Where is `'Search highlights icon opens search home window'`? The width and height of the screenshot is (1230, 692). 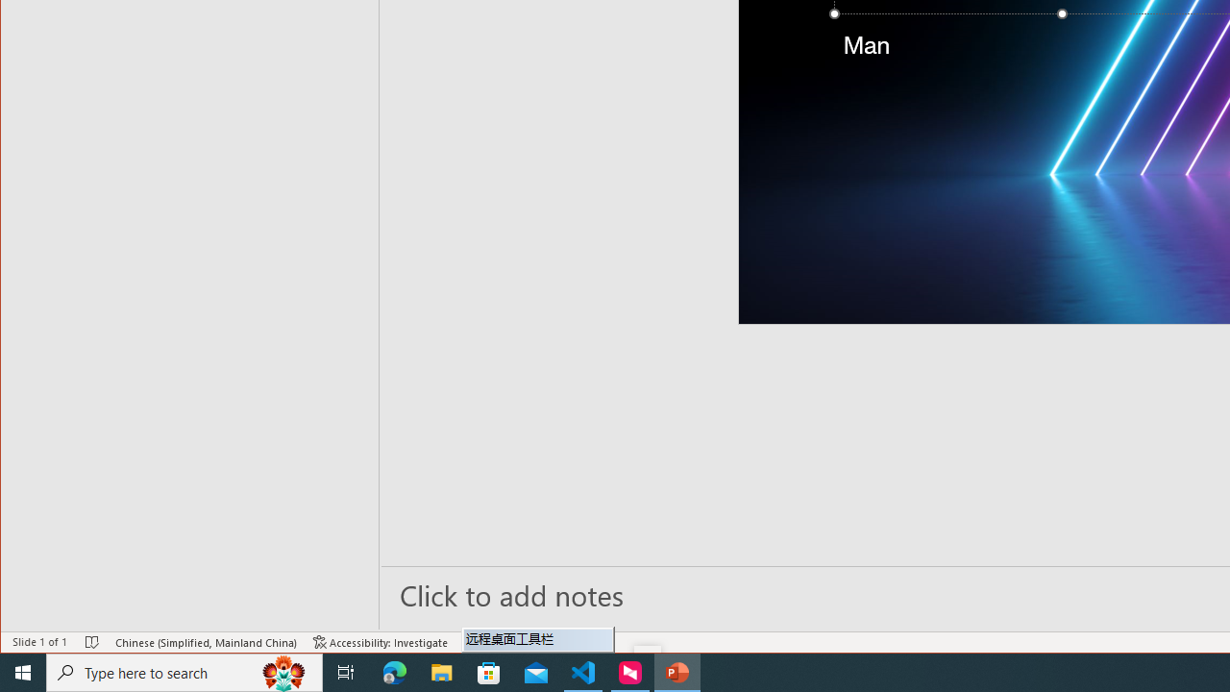
'Search highlights icon opens search home window' is located at coordinates (283, 671).